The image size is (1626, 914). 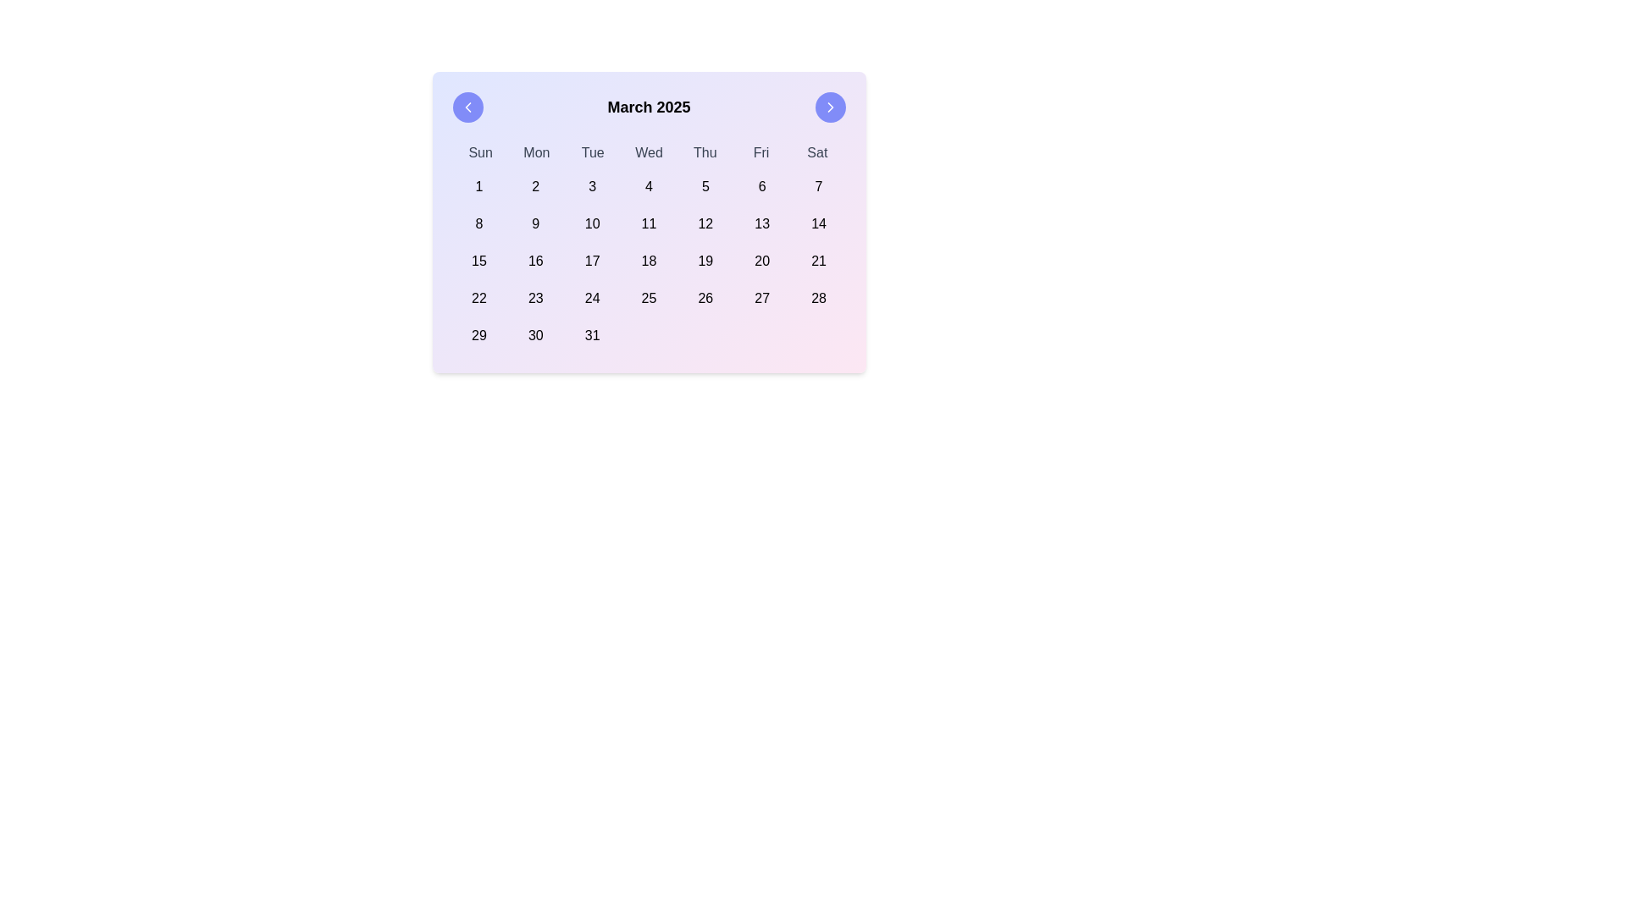 I want to click on the rectangular button labeled '5' in the first row and fifth column of the numeric grid, so click(x=705, y=186).